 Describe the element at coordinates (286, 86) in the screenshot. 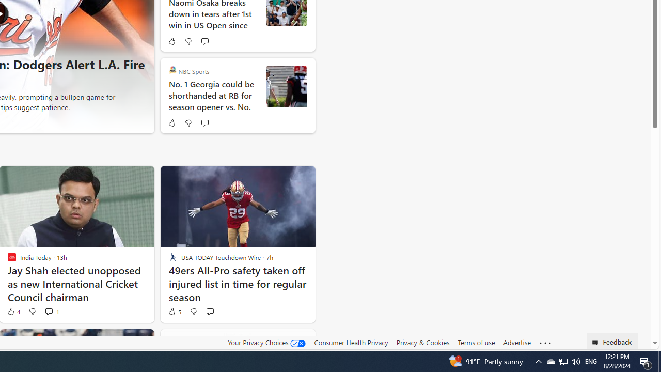

I see `'Kirby Smart'` at that location.